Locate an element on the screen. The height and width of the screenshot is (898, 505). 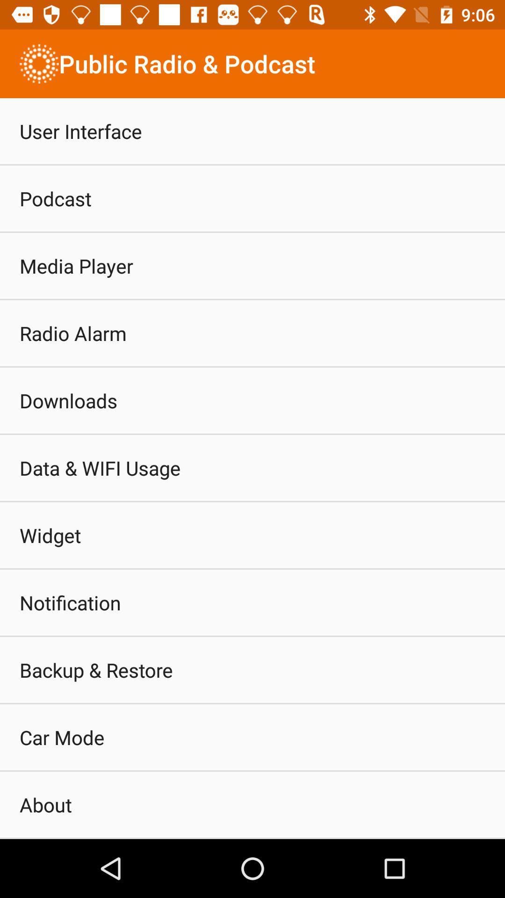
the icon above notification icon is located at coordinates (50, 535).